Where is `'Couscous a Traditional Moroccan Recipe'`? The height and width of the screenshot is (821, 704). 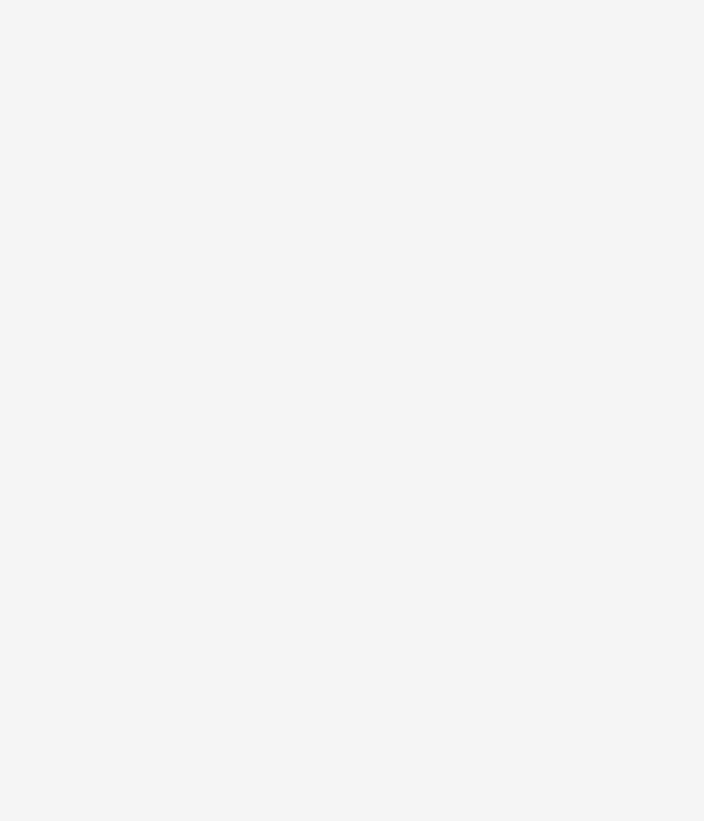
'Couscous a Traditional Moroccan Recipe' is located at coordinates (451, 337).